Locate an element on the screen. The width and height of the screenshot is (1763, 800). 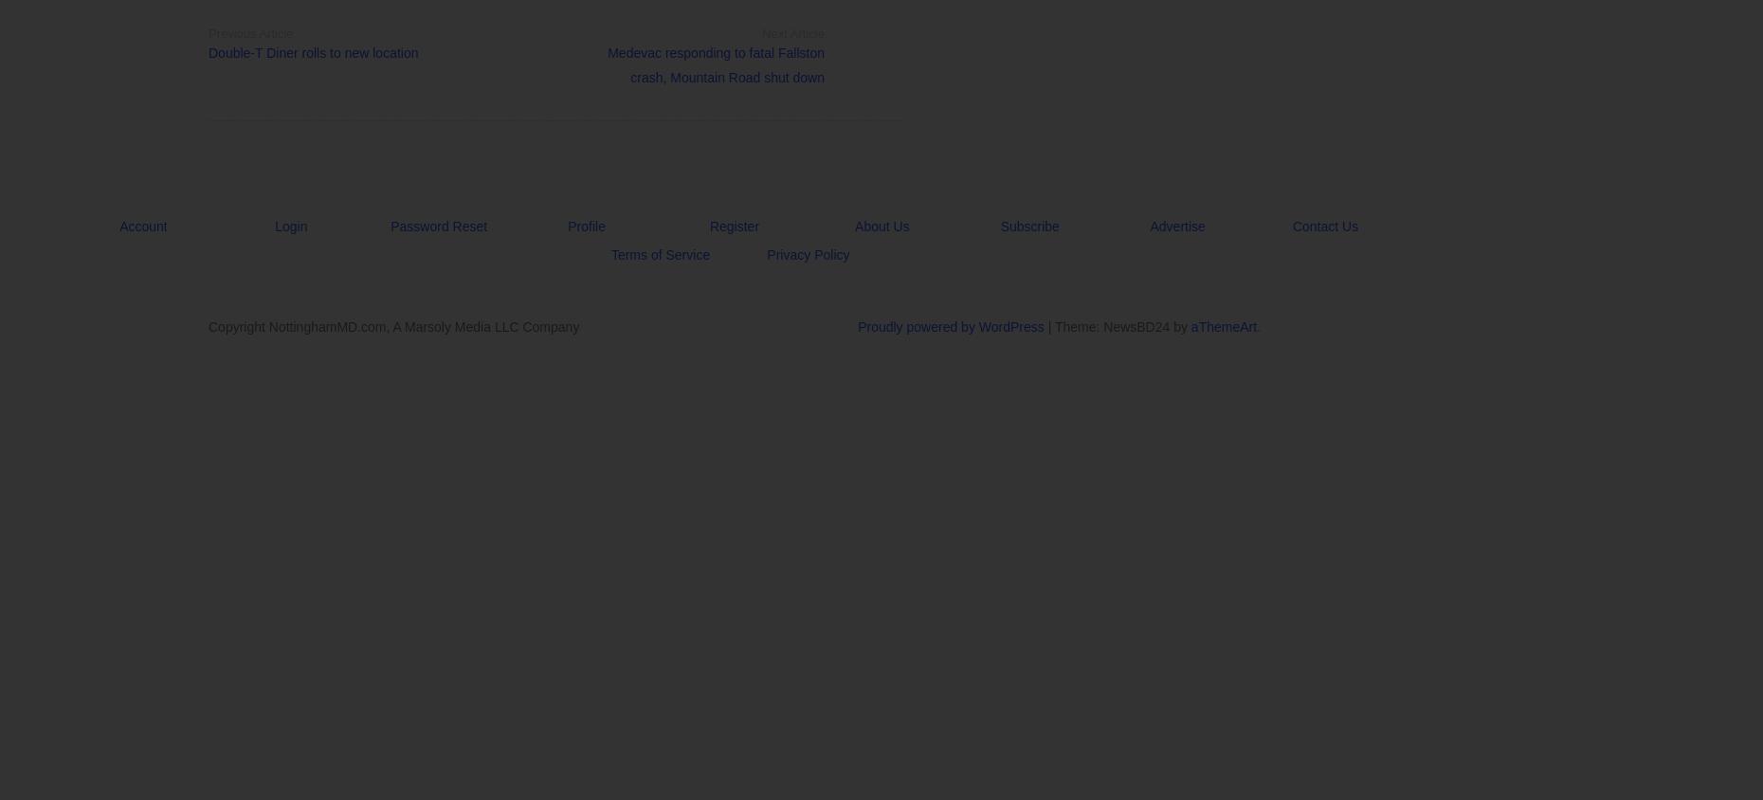
'Contact Us' is located at coordinates (1323, 226).